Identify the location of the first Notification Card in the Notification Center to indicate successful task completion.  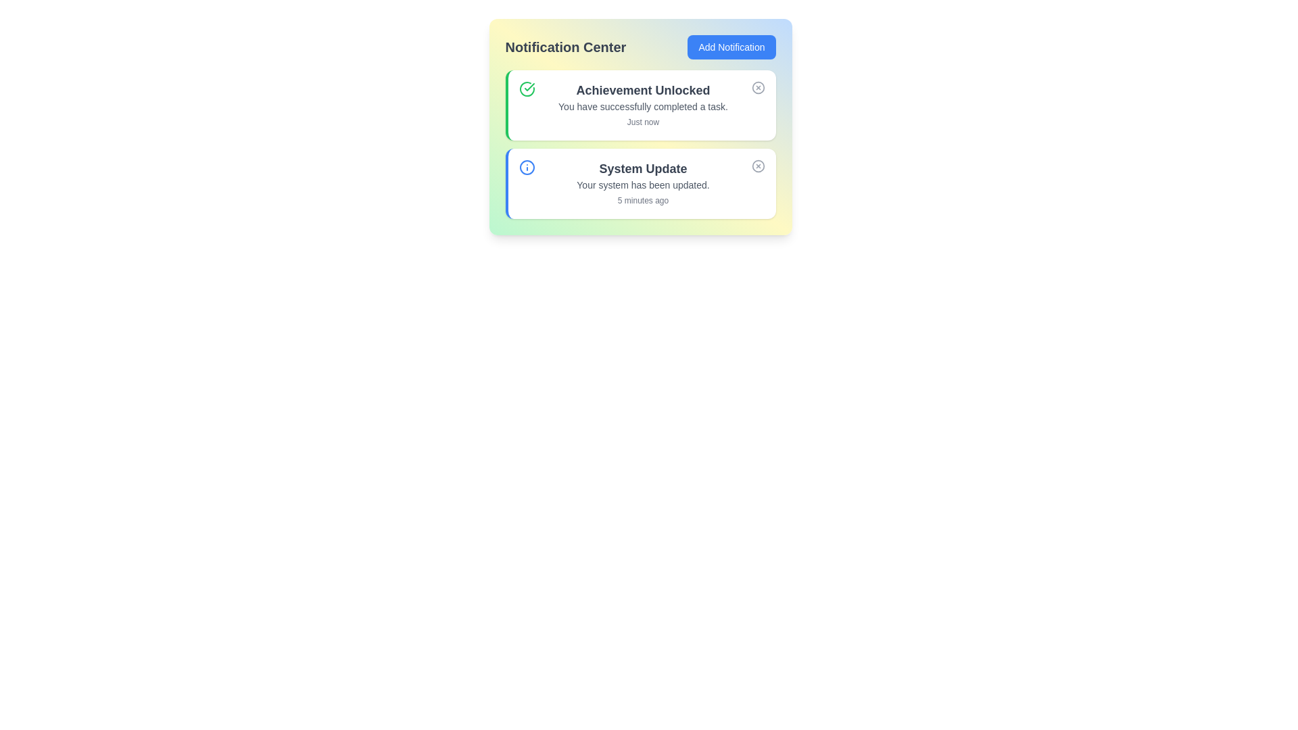
(640, 104).